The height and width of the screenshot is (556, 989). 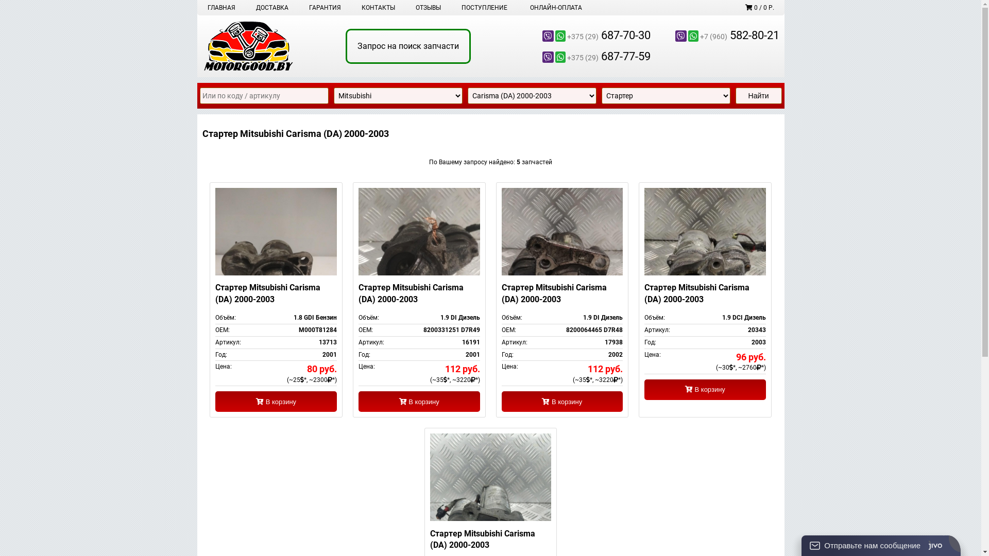 I want to click on '+375 (29) 687-77-59', so click(x=586, y=57).